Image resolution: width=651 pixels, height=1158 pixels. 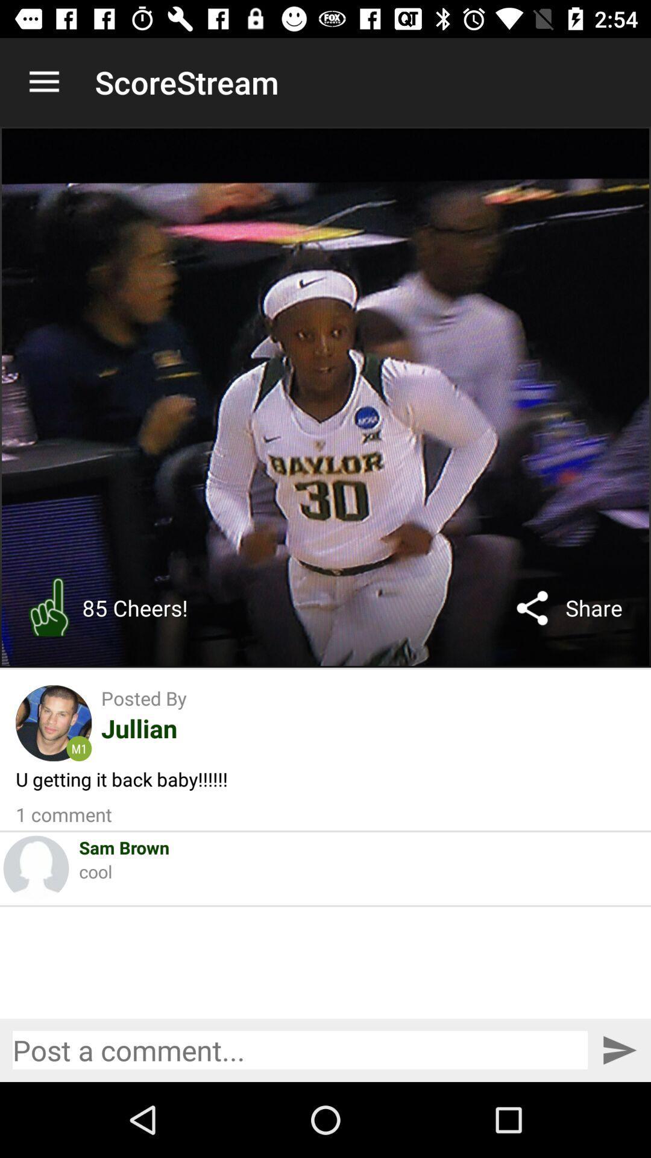 What do you see at coordinates (532, 608) in the screenshot?
I see `the icon next to 85 cheers!` at bounding box center [532, 608].